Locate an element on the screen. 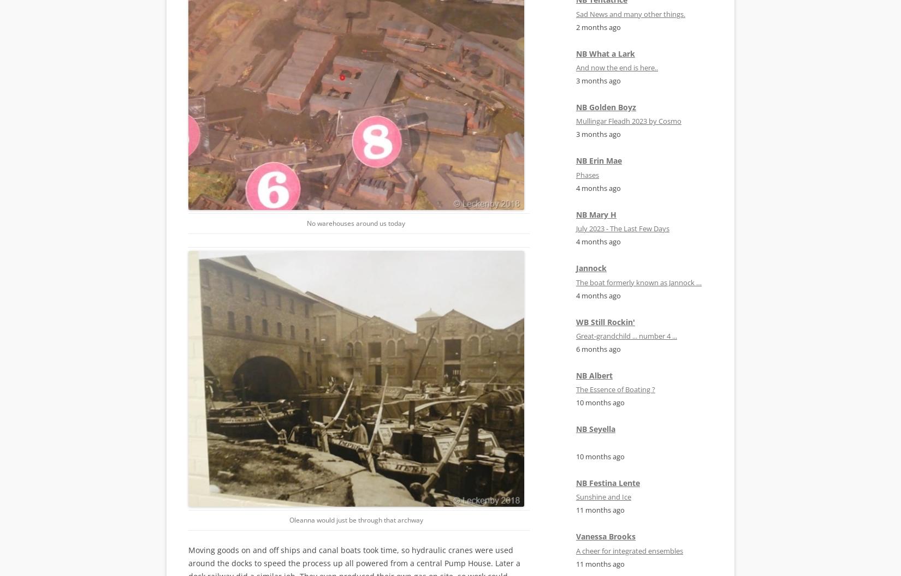 The image size is (901, 576). 'And now the end is here..' is located at coordinates (617, 67).